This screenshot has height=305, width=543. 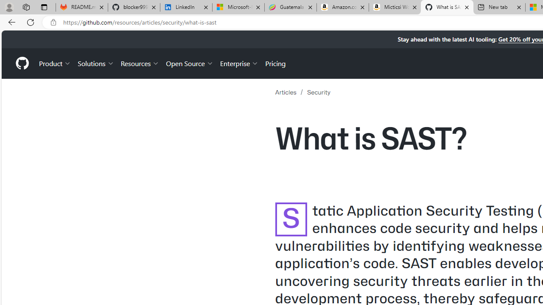 I want to click on 'Product', so click(x=55, y=63).